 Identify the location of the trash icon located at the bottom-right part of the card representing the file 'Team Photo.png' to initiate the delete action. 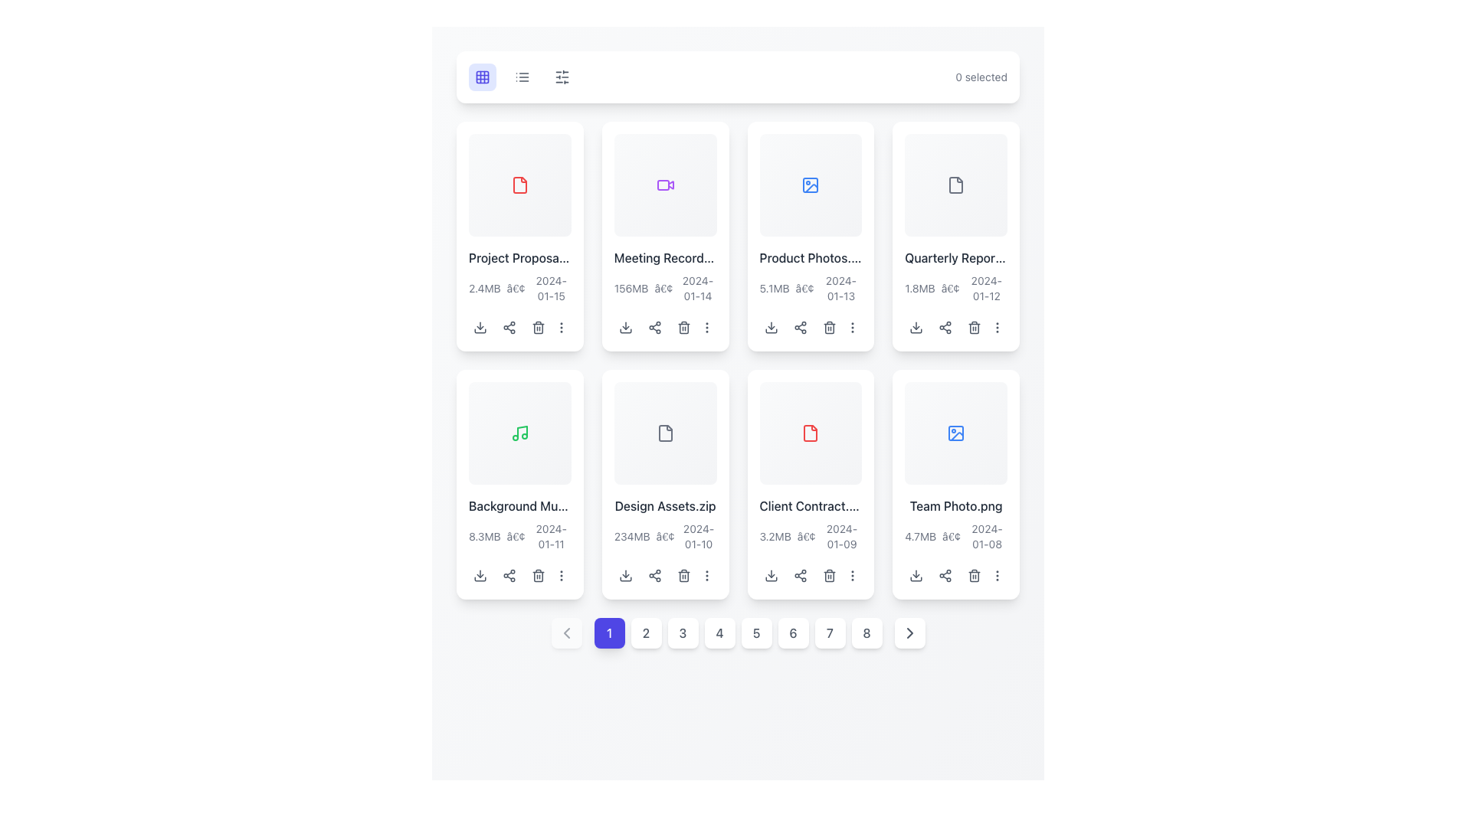
(974, 575).